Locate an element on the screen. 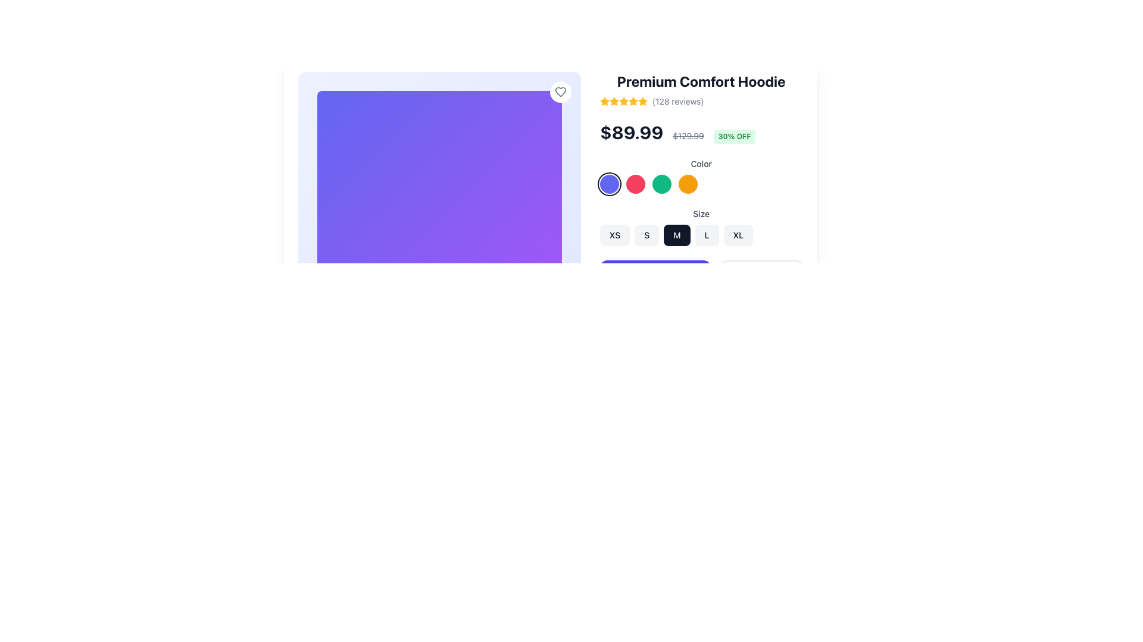  the heart-shaped 'like' button located in the upper-right corner of the product image area is located at coordinates (560, 91).